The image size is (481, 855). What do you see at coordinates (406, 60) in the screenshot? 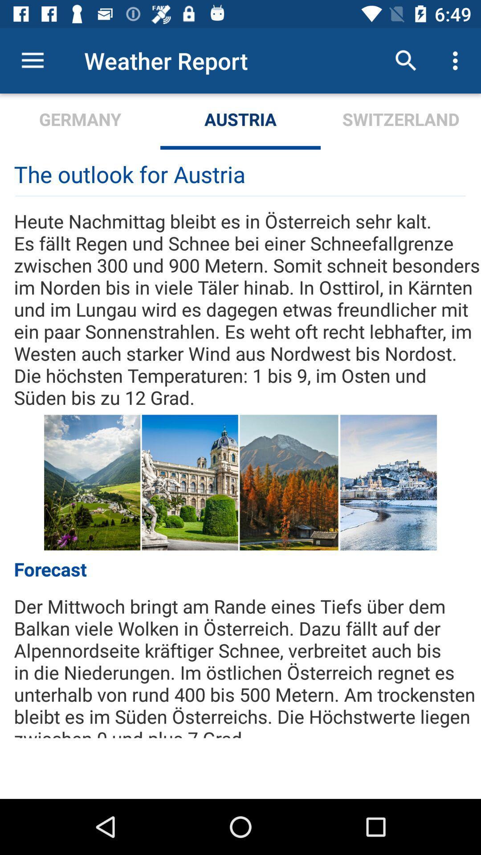
I see `the item next to the austria icon` at bounding box center [406, 60].